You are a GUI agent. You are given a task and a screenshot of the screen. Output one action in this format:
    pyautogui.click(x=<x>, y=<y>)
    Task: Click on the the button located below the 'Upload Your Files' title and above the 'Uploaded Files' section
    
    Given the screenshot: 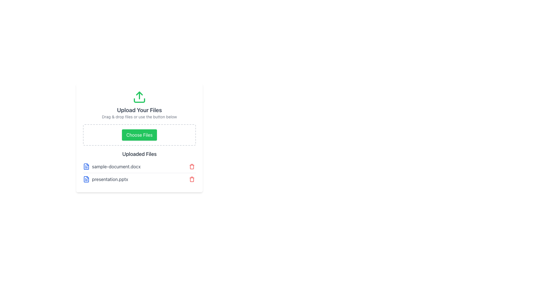 What is the action you would take?
    pyautogui.click(x=139, y=138)
    